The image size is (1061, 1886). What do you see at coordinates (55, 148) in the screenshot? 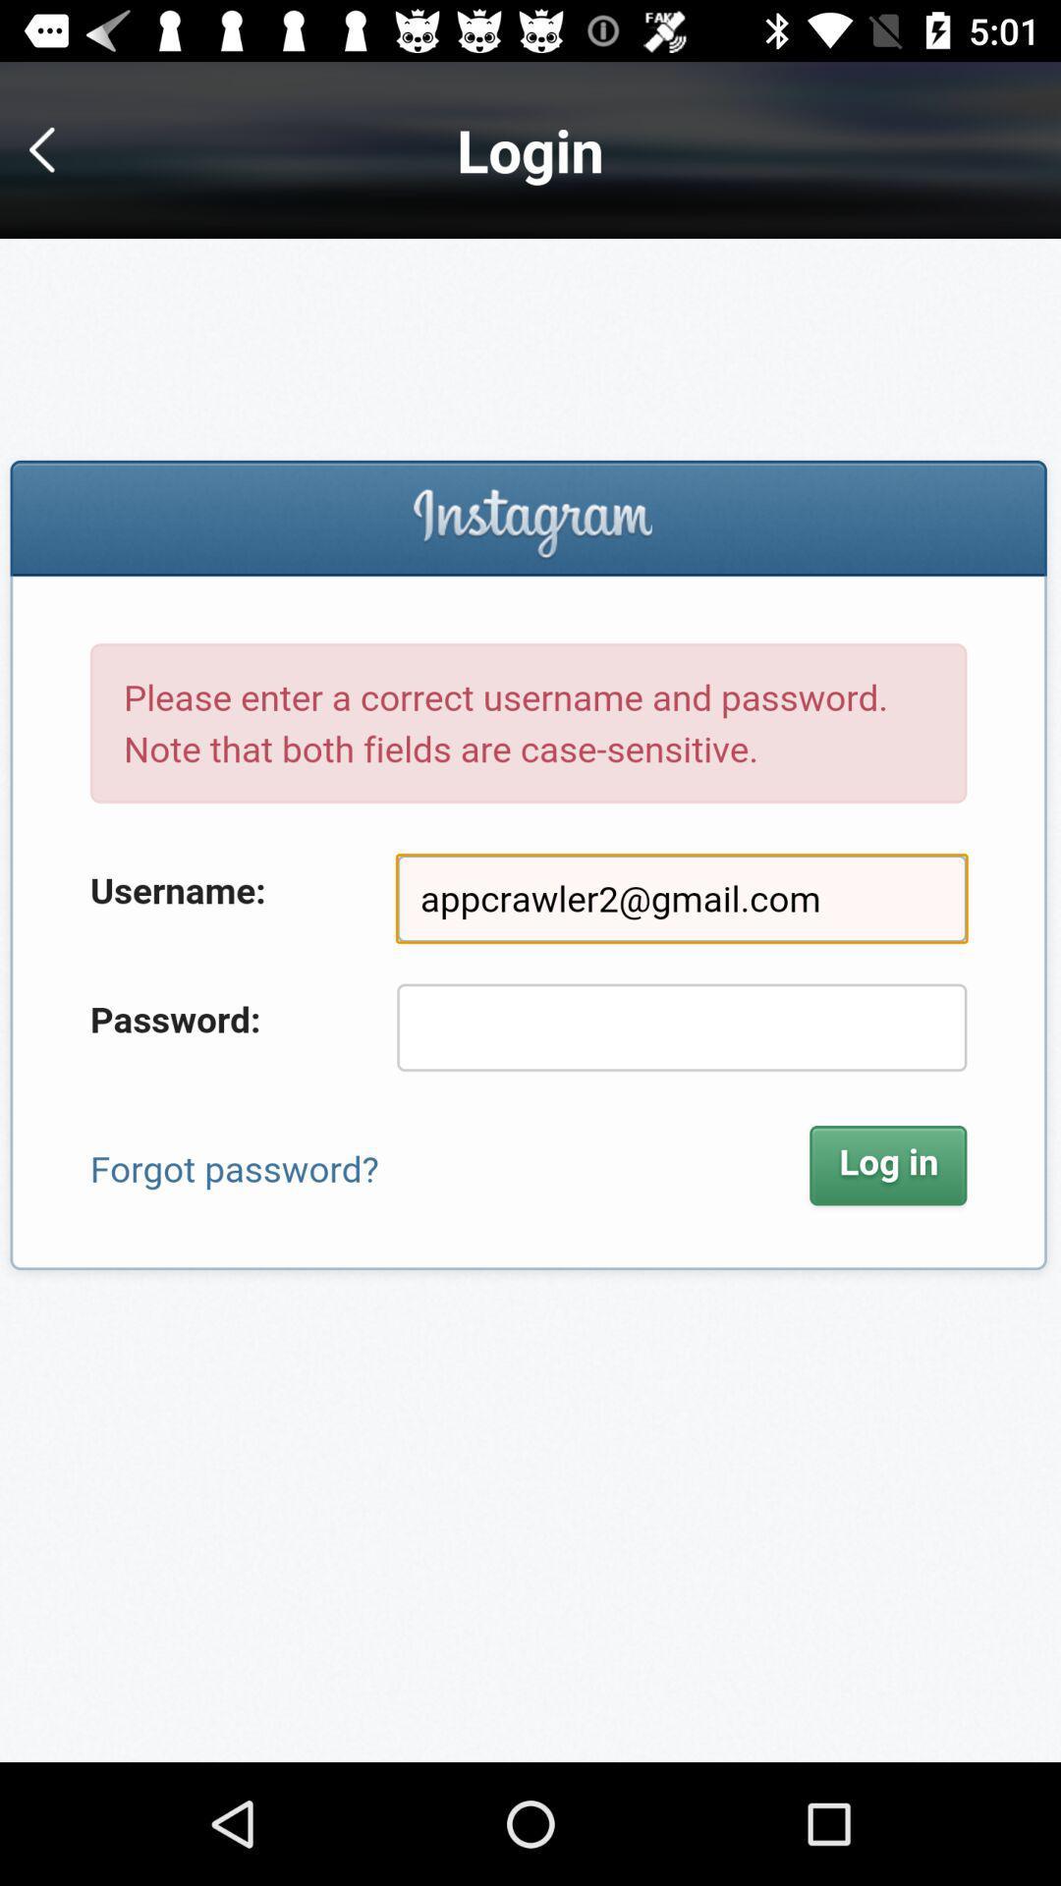
I see `go back` at bounding box center [55, 148].